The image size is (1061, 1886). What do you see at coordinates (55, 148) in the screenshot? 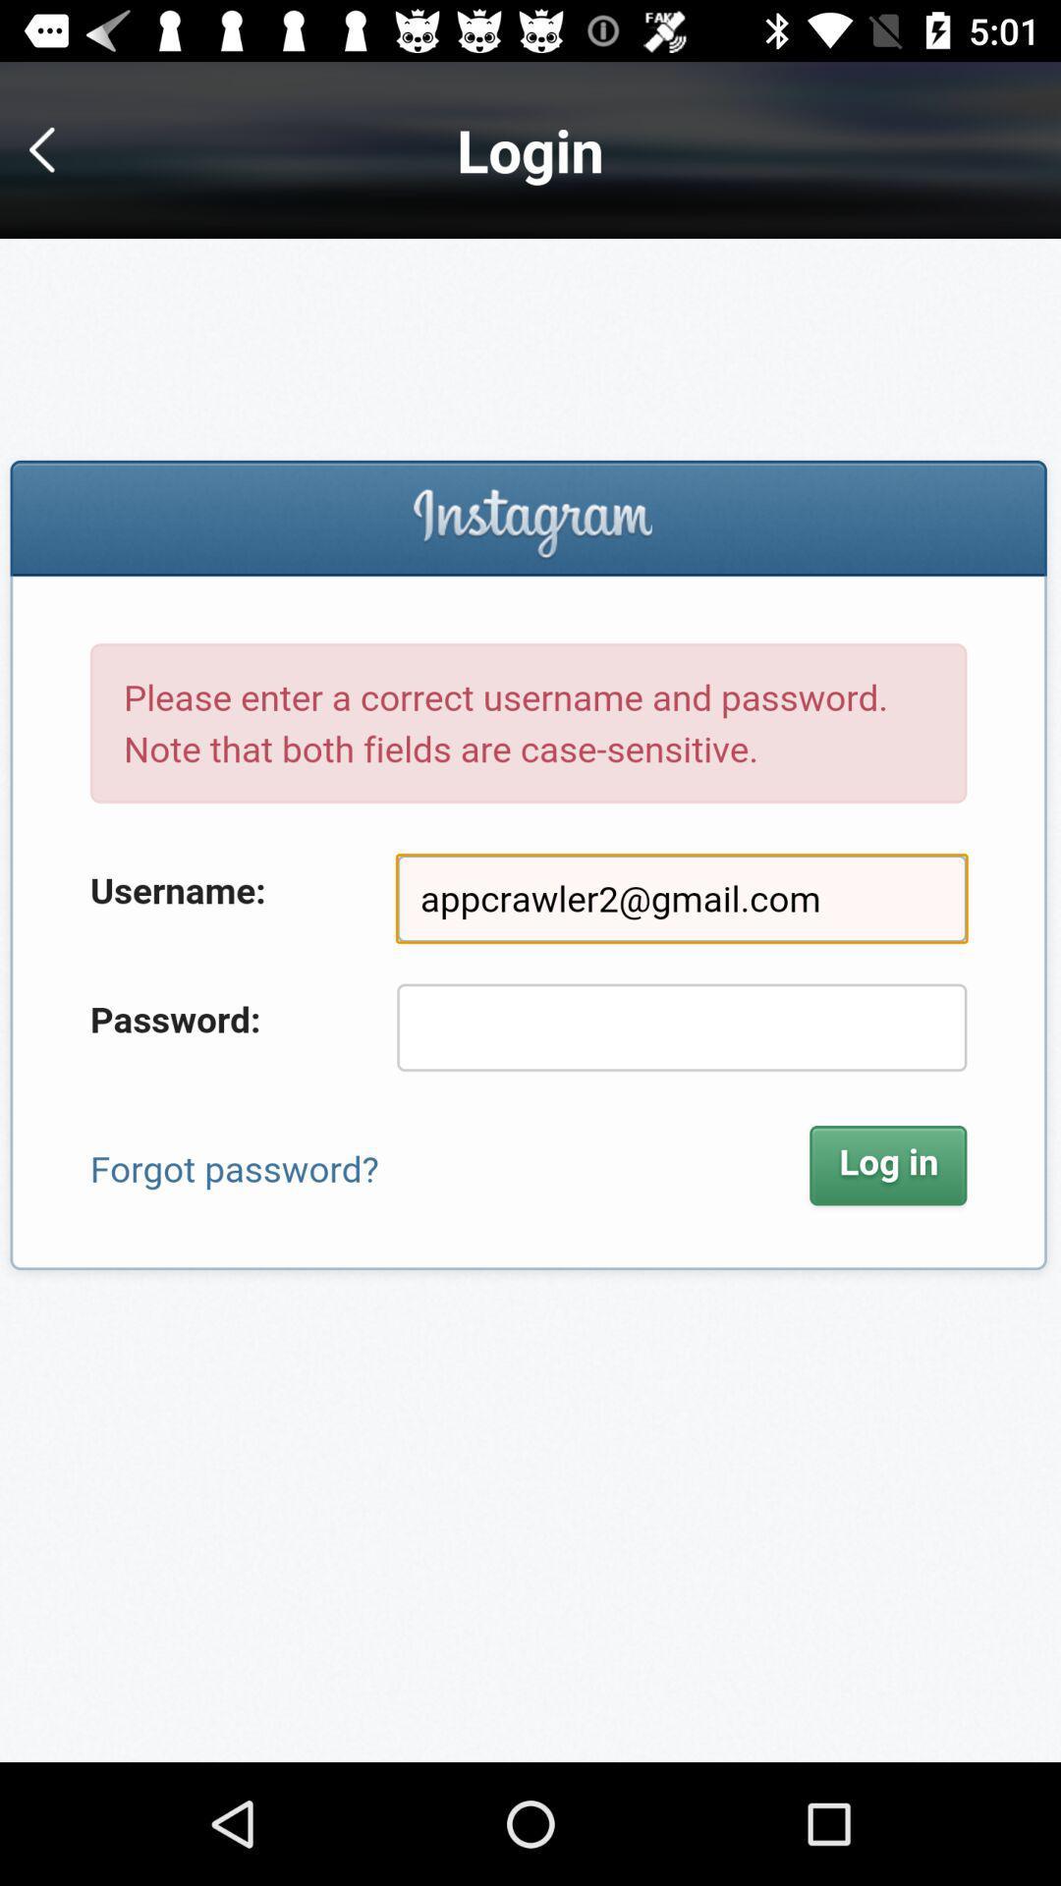
I see `go back` at bounding box center [55, 148].